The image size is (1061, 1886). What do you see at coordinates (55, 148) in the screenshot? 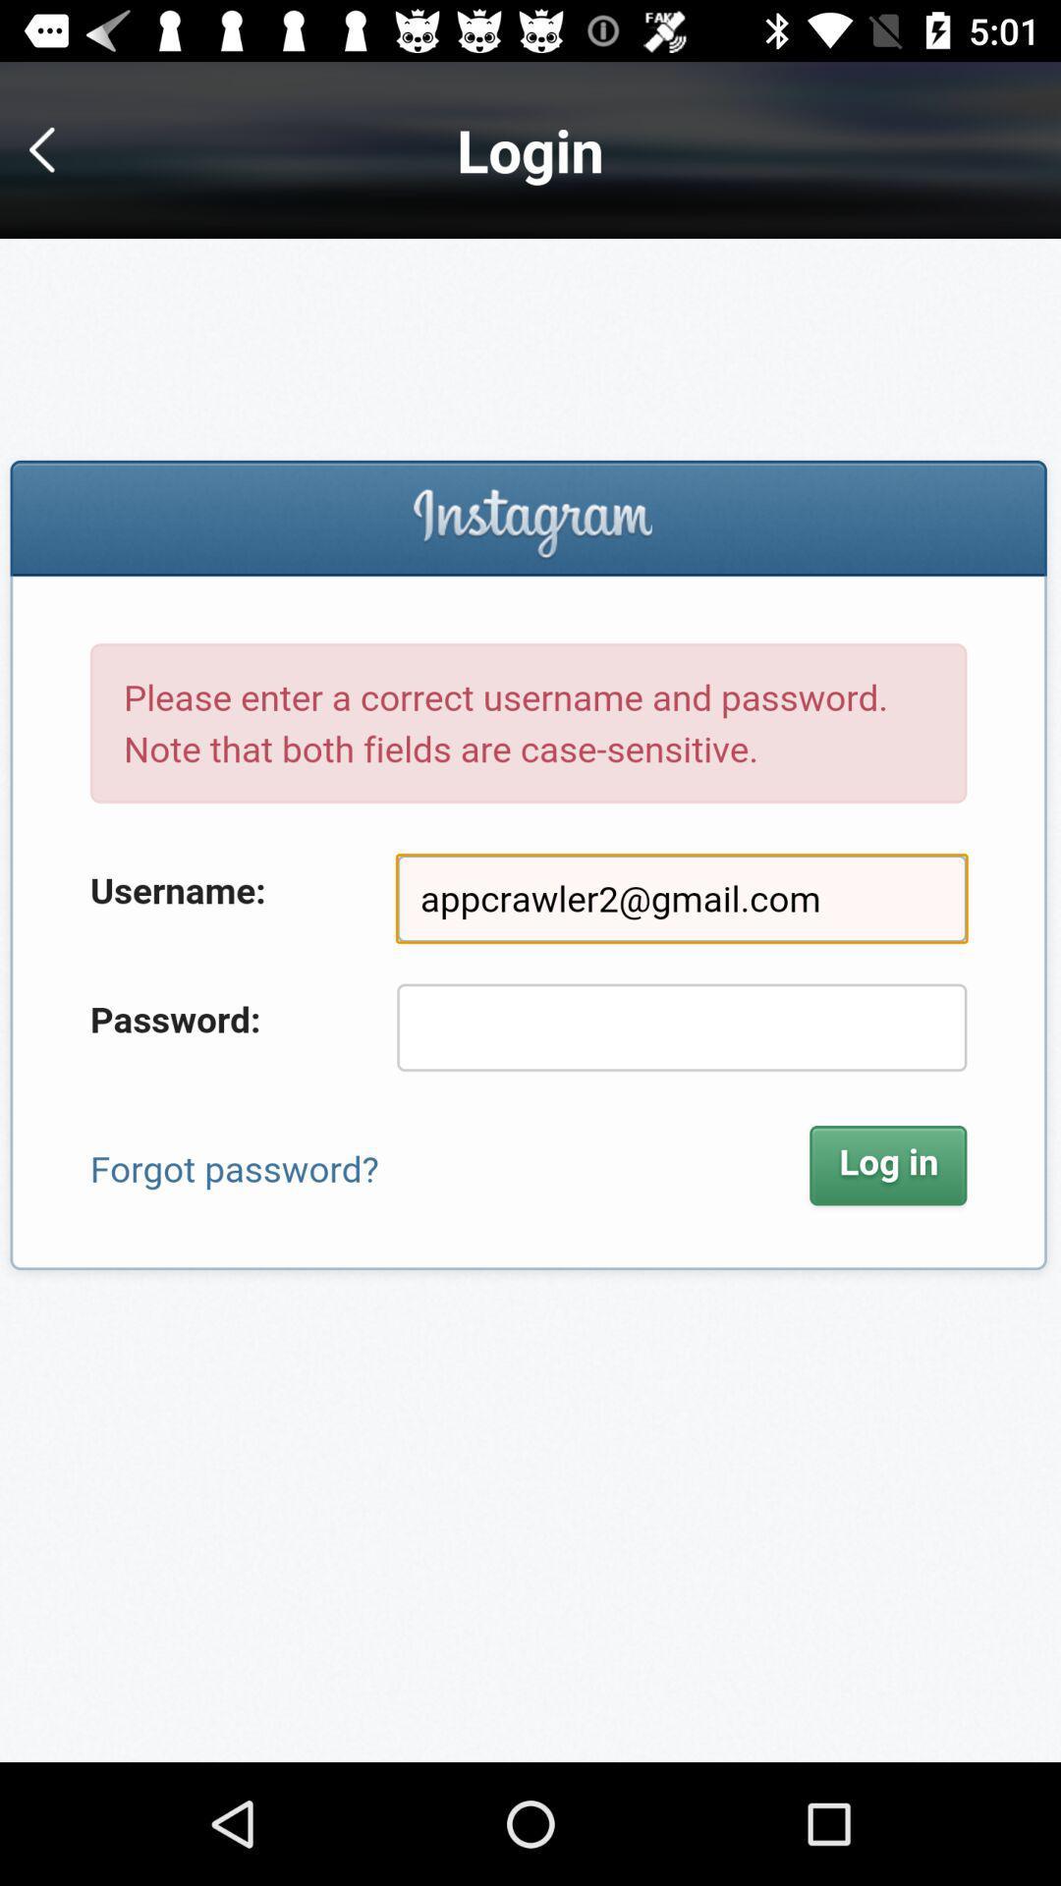
I see `go back` at bounding box center [55, 148].